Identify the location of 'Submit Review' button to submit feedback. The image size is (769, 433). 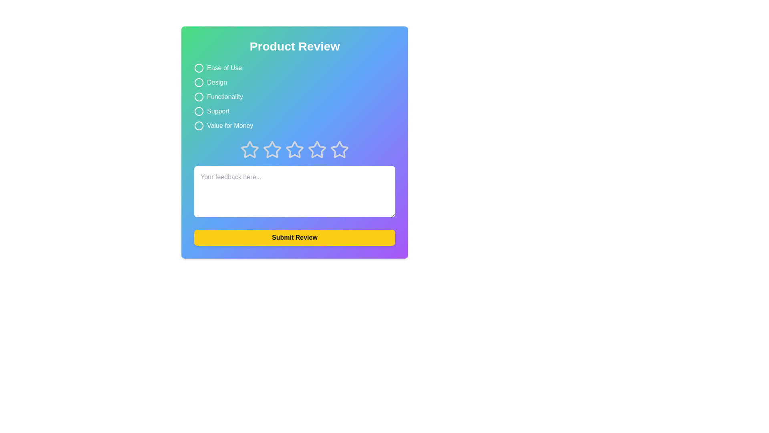
(294, 237).